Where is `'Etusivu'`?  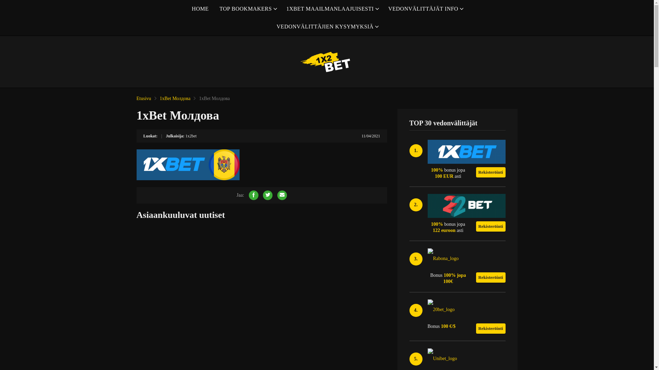
'Etusivu' is located at coordinates (143, 98).